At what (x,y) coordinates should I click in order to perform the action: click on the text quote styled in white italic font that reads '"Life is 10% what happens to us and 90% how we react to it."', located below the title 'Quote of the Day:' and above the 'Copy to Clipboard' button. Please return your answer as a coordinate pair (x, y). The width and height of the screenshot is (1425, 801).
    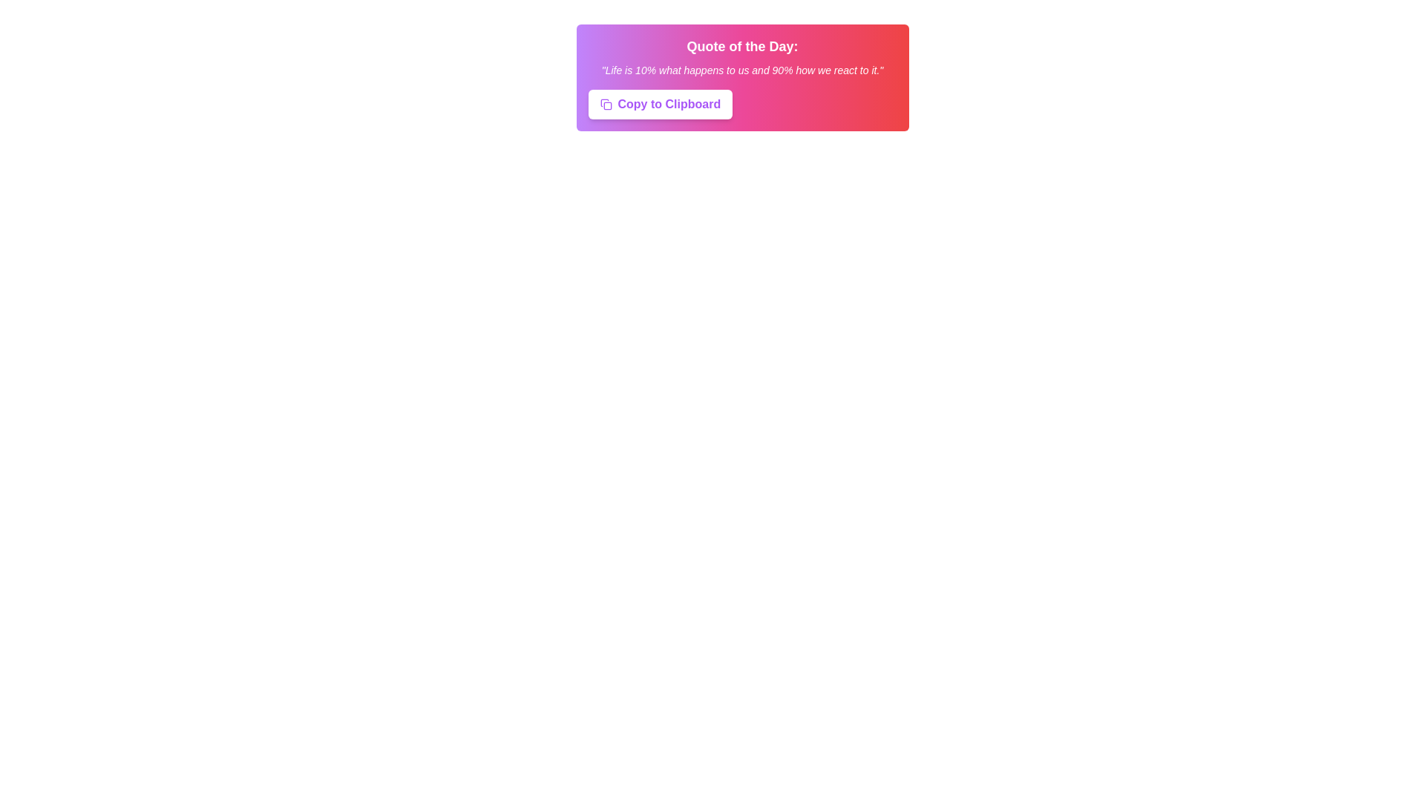
    Looking at the image, I should click on (742, 70).